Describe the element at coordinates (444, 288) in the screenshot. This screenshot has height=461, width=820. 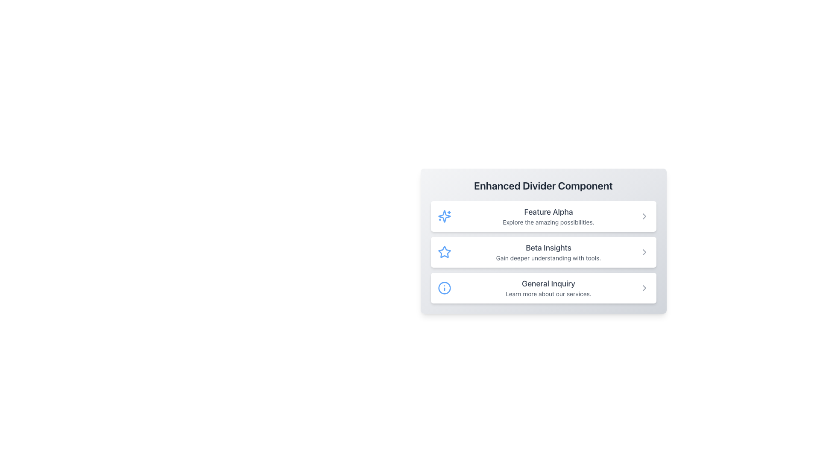
I see `the visual identification marker for the 'General Inquiry' section by moving the cursor to its center point` at that location.